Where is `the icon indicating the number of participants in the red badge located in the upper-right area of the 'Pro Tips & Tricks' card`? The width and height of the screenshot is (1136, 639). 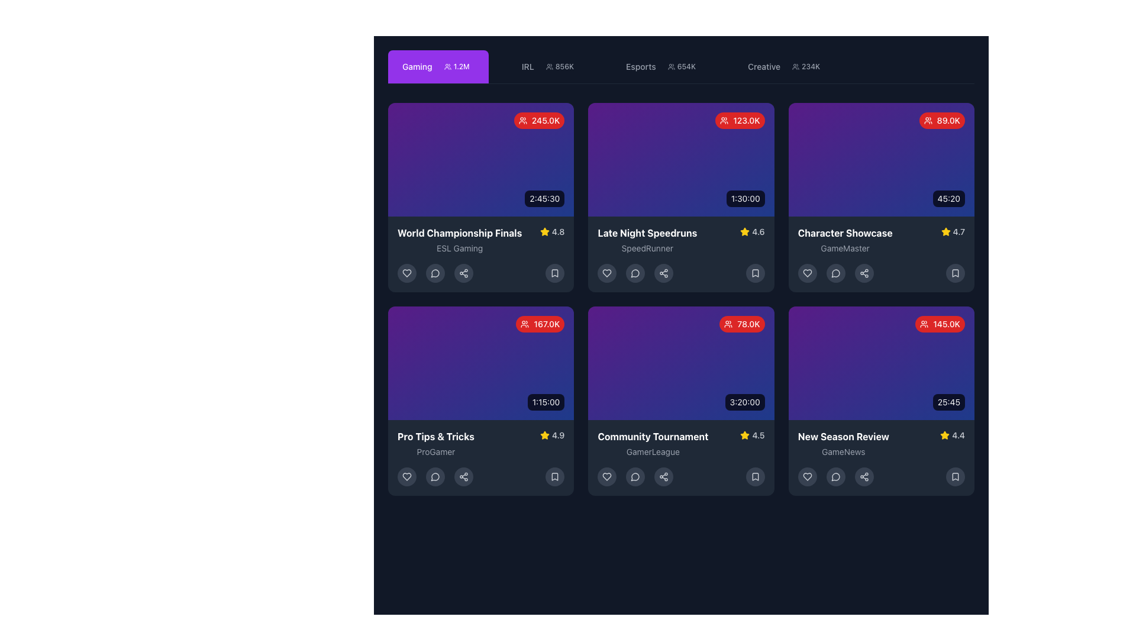
the icon indicating the number of participants in the red badge located in the upper-right area of the 'Pro Tips & Tricks' card is located at coordinates (524, 324).